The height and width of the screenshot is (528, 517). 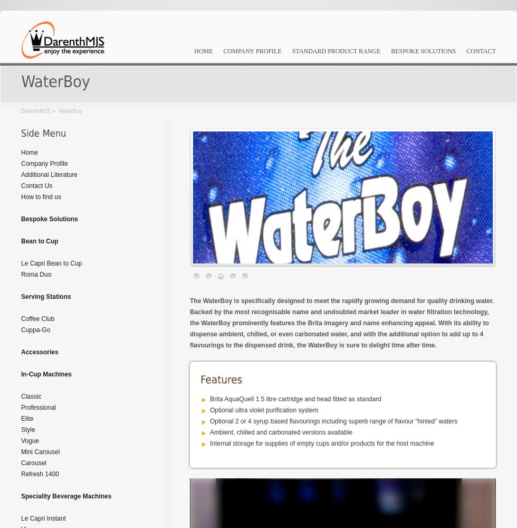 What do you see at coordinates (281, 432) in the screenshot?
I see `'Ambient, chilled and carbonated versions available'` at bounding box center [281, 432].